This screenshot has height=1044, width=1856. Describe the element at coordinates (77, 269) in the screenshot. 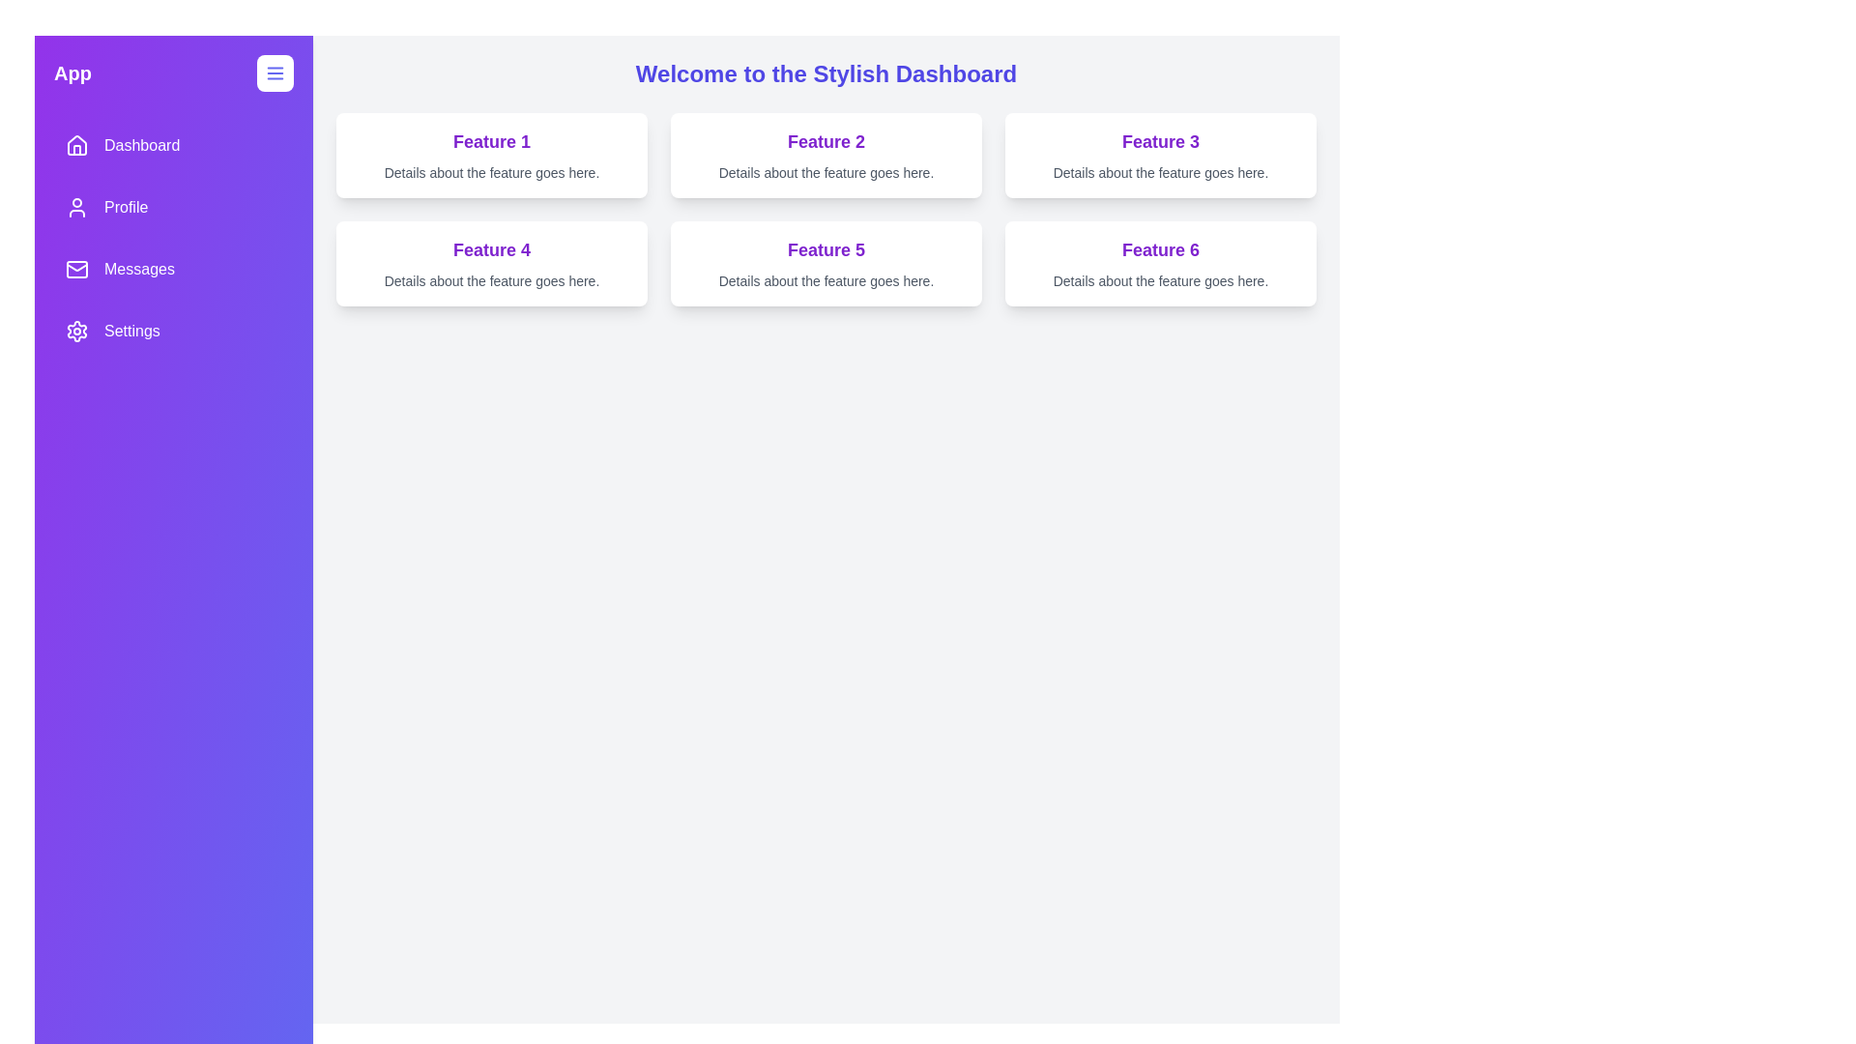

I see `the larger rectangular part of the envelope icon representing the Messages section in the navigation sidebar` at that location.